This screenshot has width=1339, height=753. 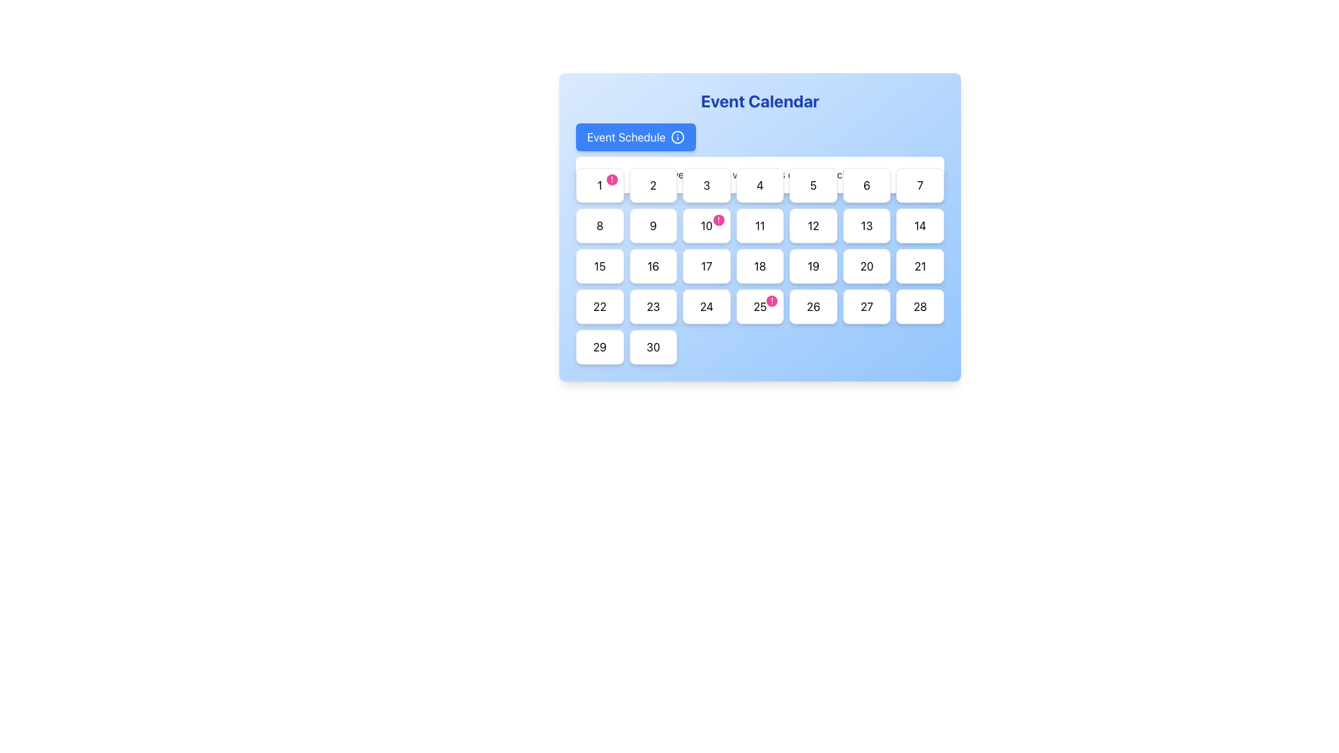 What do you see at coordinates (652, 346) in the screenshot?
I see `the button indicating the 30th day of the month in the date selection grid` at bounding box center [652, 346].